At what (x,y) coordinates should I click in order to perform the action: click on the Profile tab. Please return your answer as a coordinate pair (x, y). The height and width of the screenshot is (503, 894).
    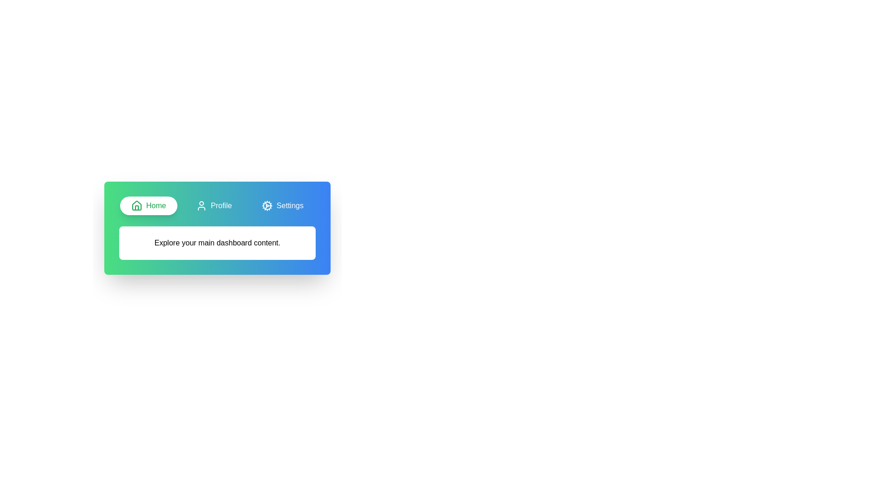
    Looking at the image, I should click on (213, 205).